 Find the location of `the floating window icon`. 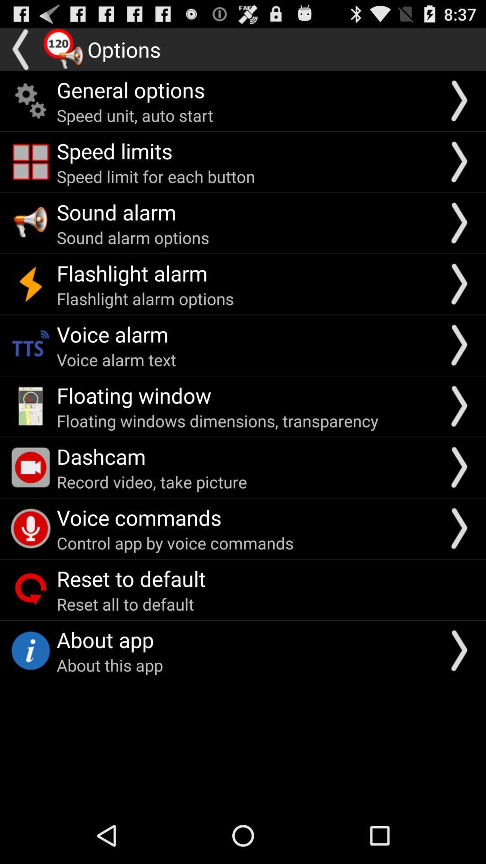

the floating window icon is located at coordinates (134, 395).